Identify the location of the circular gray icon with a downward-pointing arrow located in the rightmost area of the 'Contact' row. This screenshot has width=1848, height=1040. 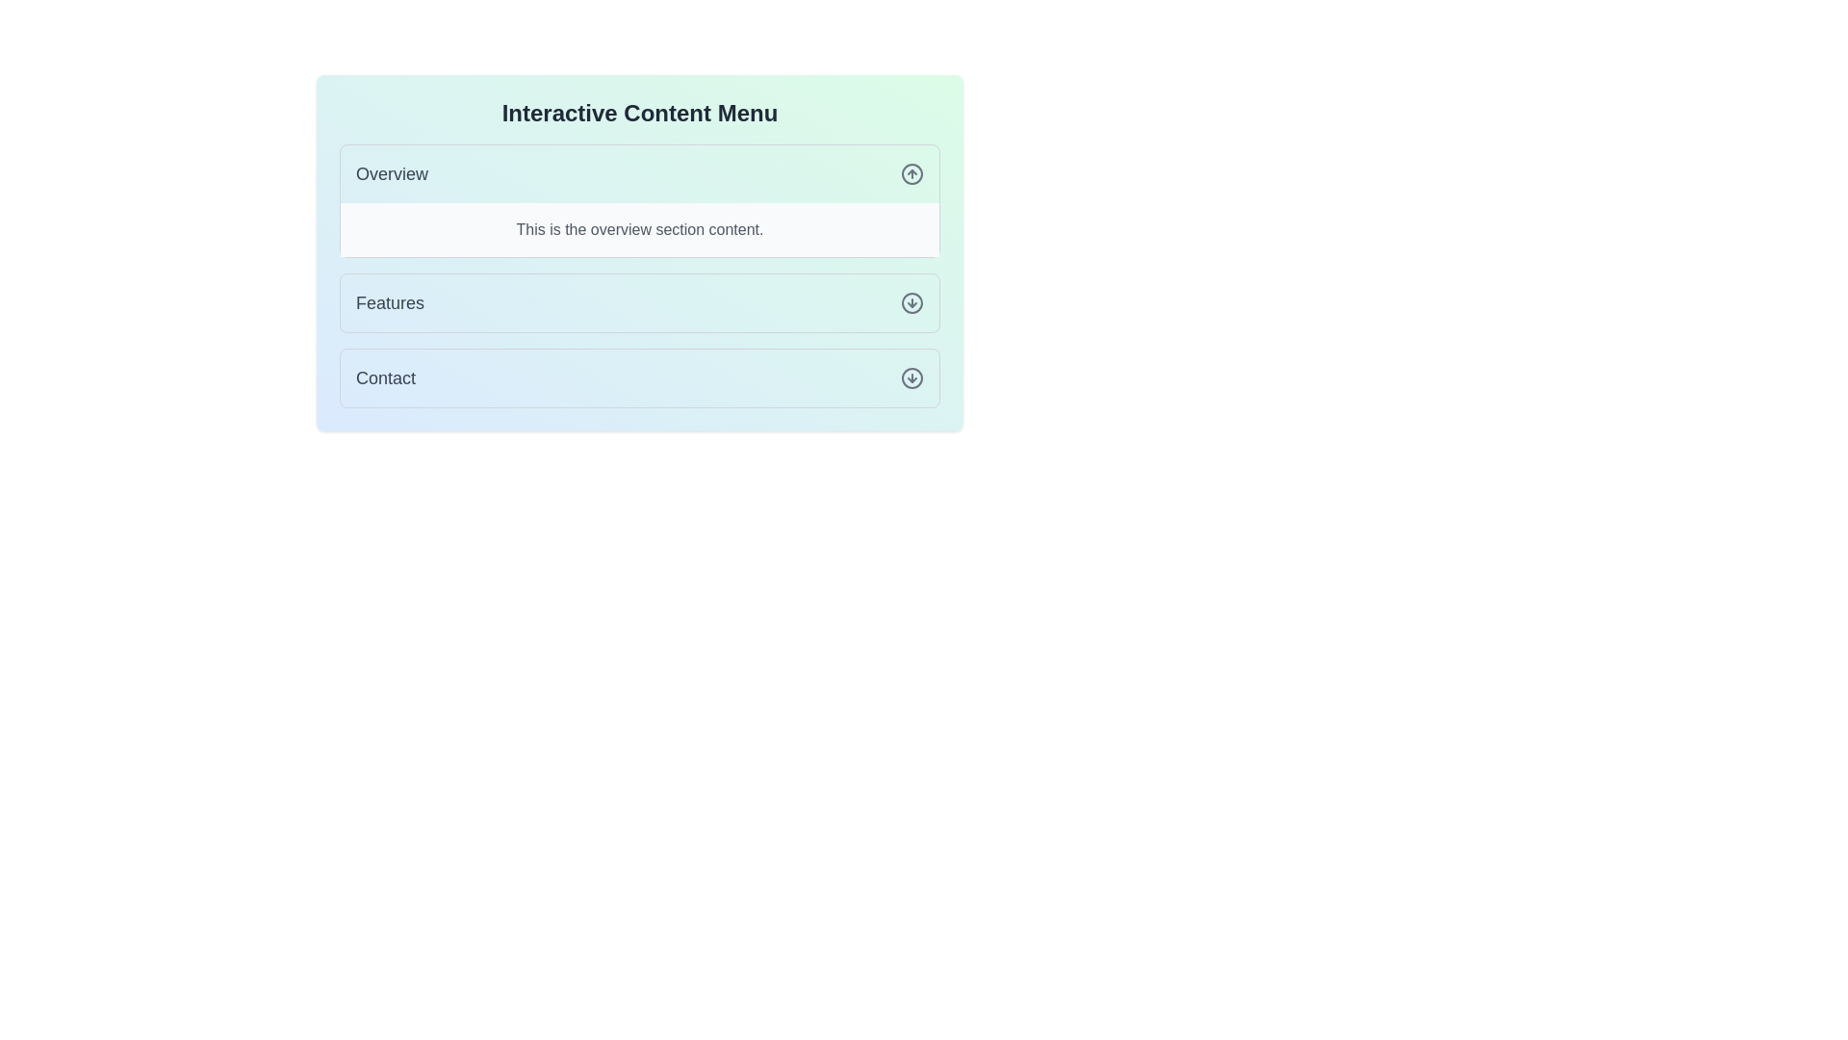
(911, 378).